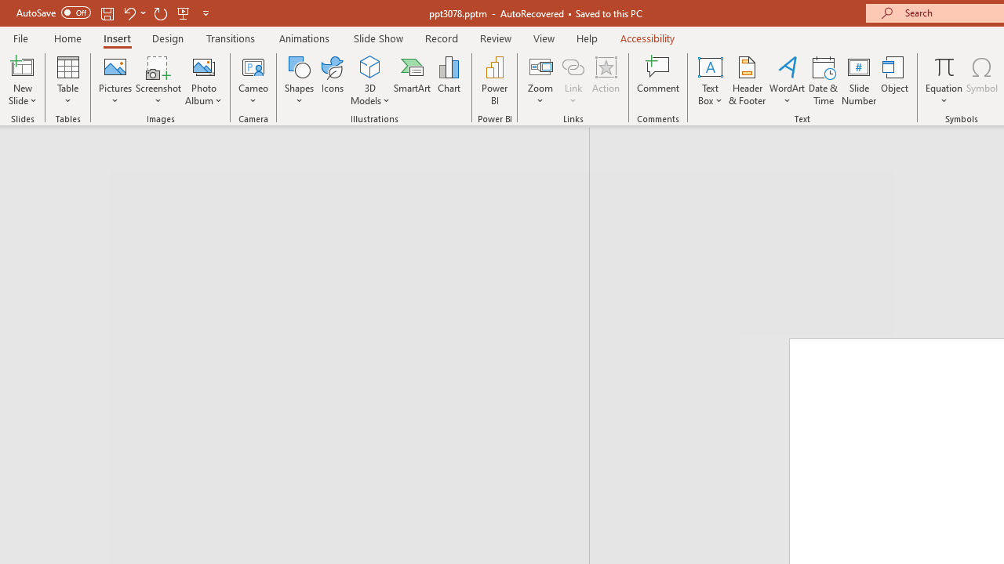 The image size is (1004, 564). Describe the element at coordinates (573, 81) in the screenshot. I see `'Link'` at that location.